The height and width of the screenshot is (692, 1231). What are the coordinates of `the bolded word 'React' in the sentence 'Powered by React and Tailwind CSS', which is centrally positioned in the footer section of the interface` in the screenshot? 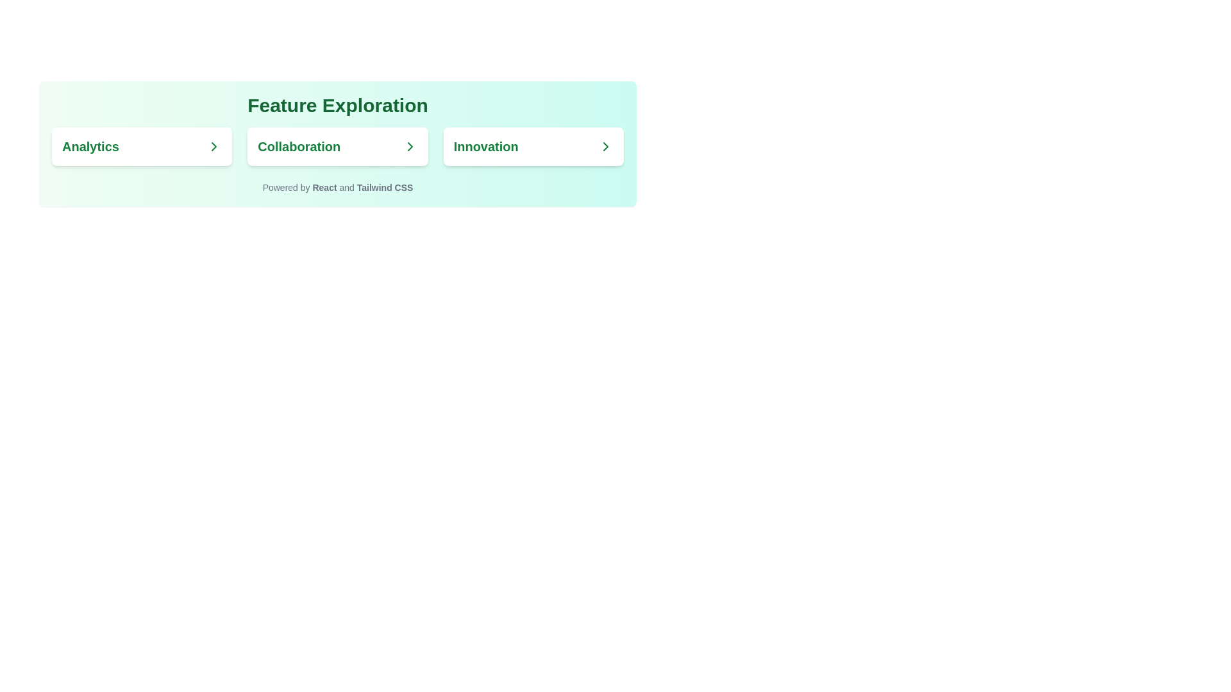 It's located at (324, 188).